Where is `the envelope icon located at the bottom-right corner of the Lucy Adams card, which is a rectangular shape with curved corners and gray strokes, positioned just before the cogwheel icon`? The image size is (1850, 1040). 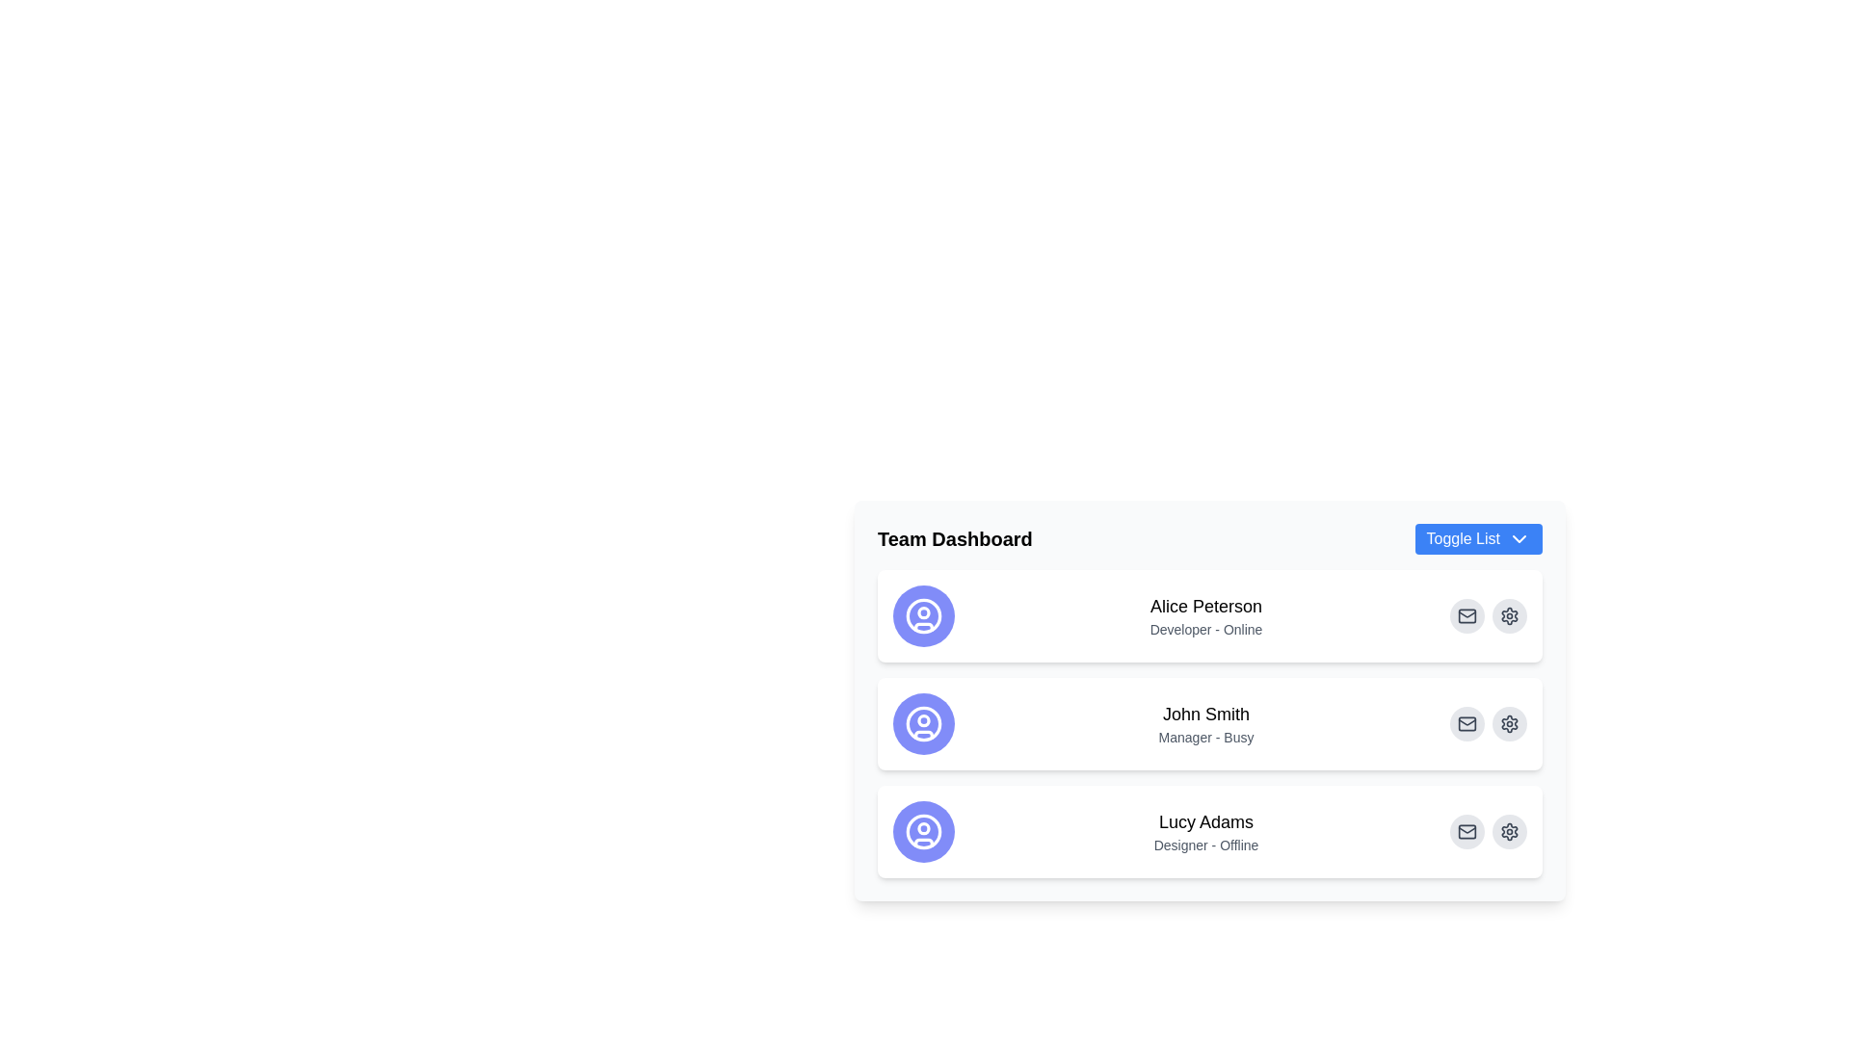
the envelope icon located at the bottom-right corner of the Lucy Adams card, which is a rectangular shape with curved corners and gray strokes, positioned just before the cogwheel icon is located at coordinates (1466, 831).